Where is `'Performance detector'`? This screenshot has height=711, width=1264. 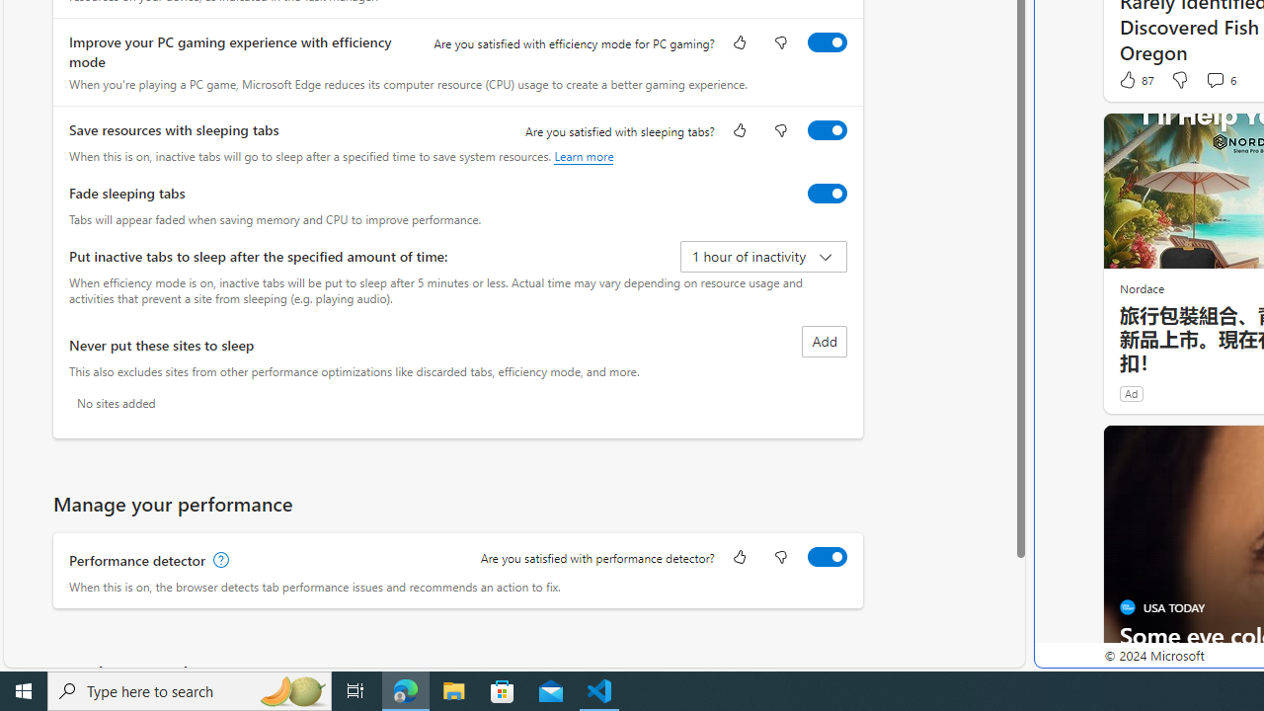
'Performance detector' is located at coordinates (827, 556).